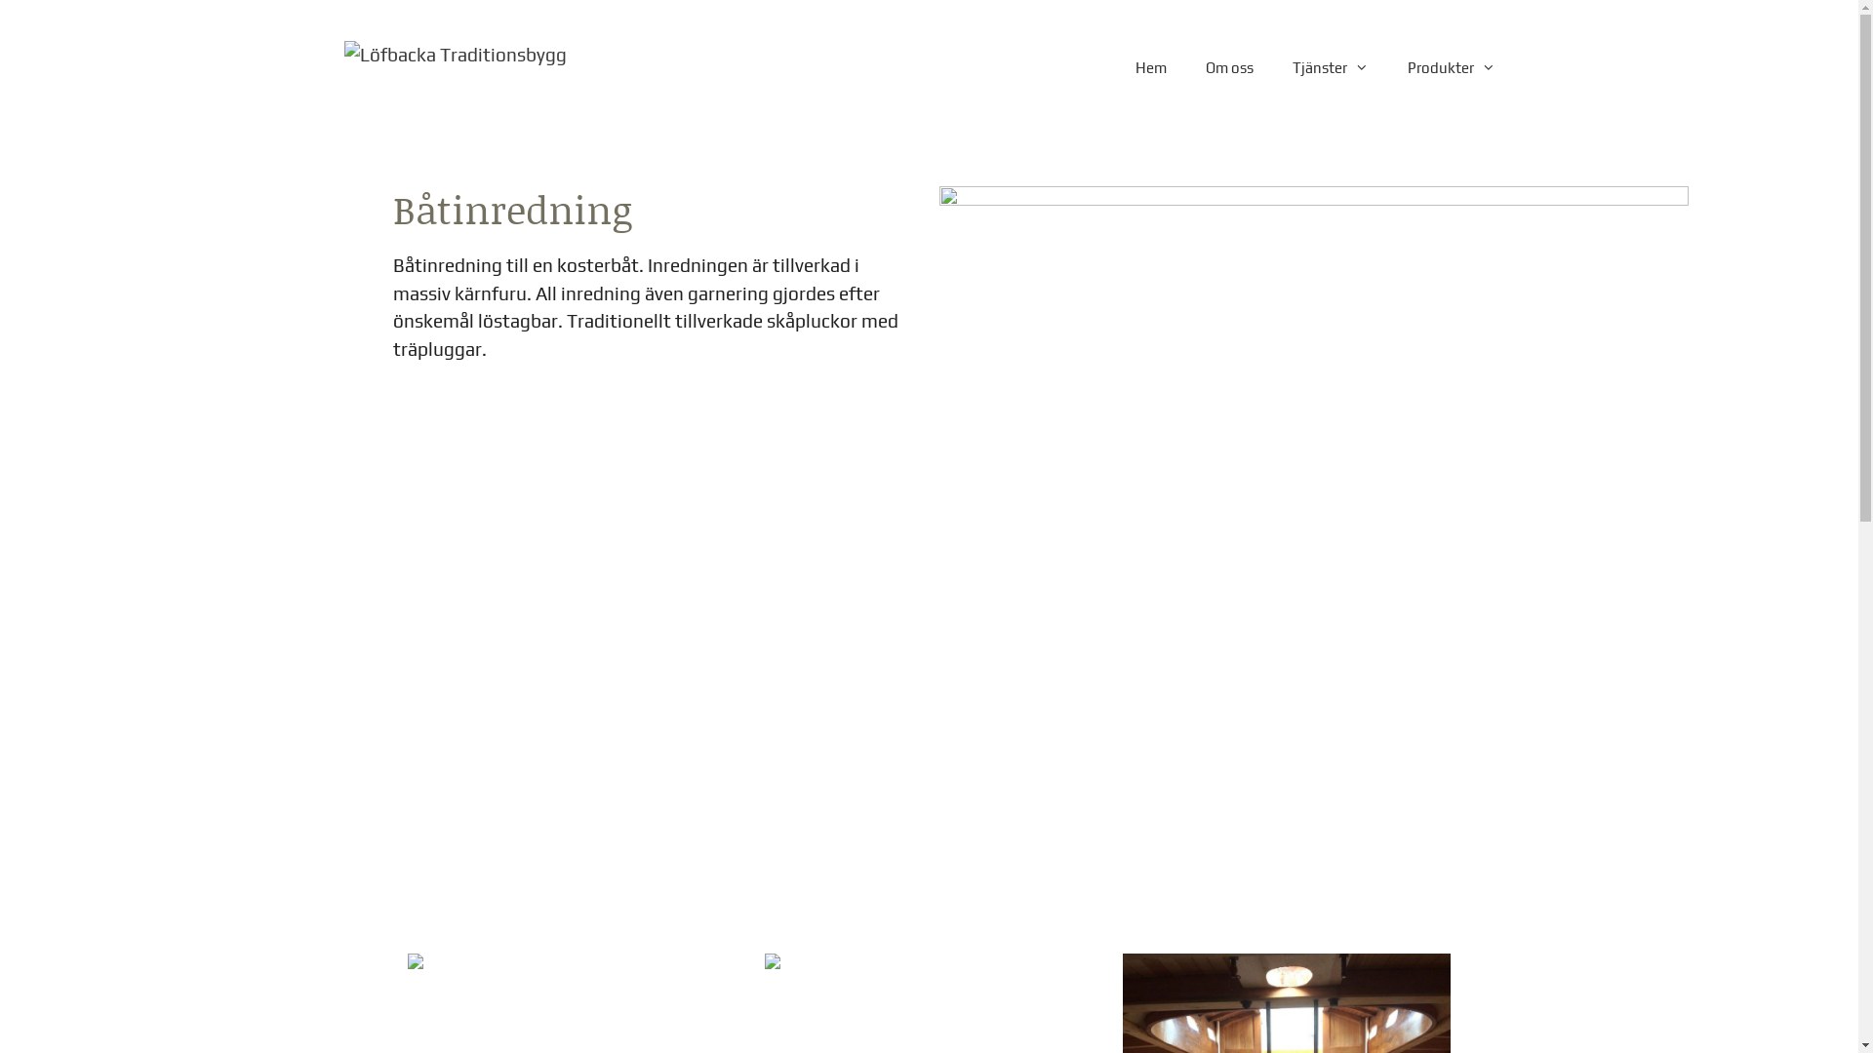  What do you see at coordinates (1151, 66) in the screenshot?
I see `'Hem'` at bounding box center [1151, 66].